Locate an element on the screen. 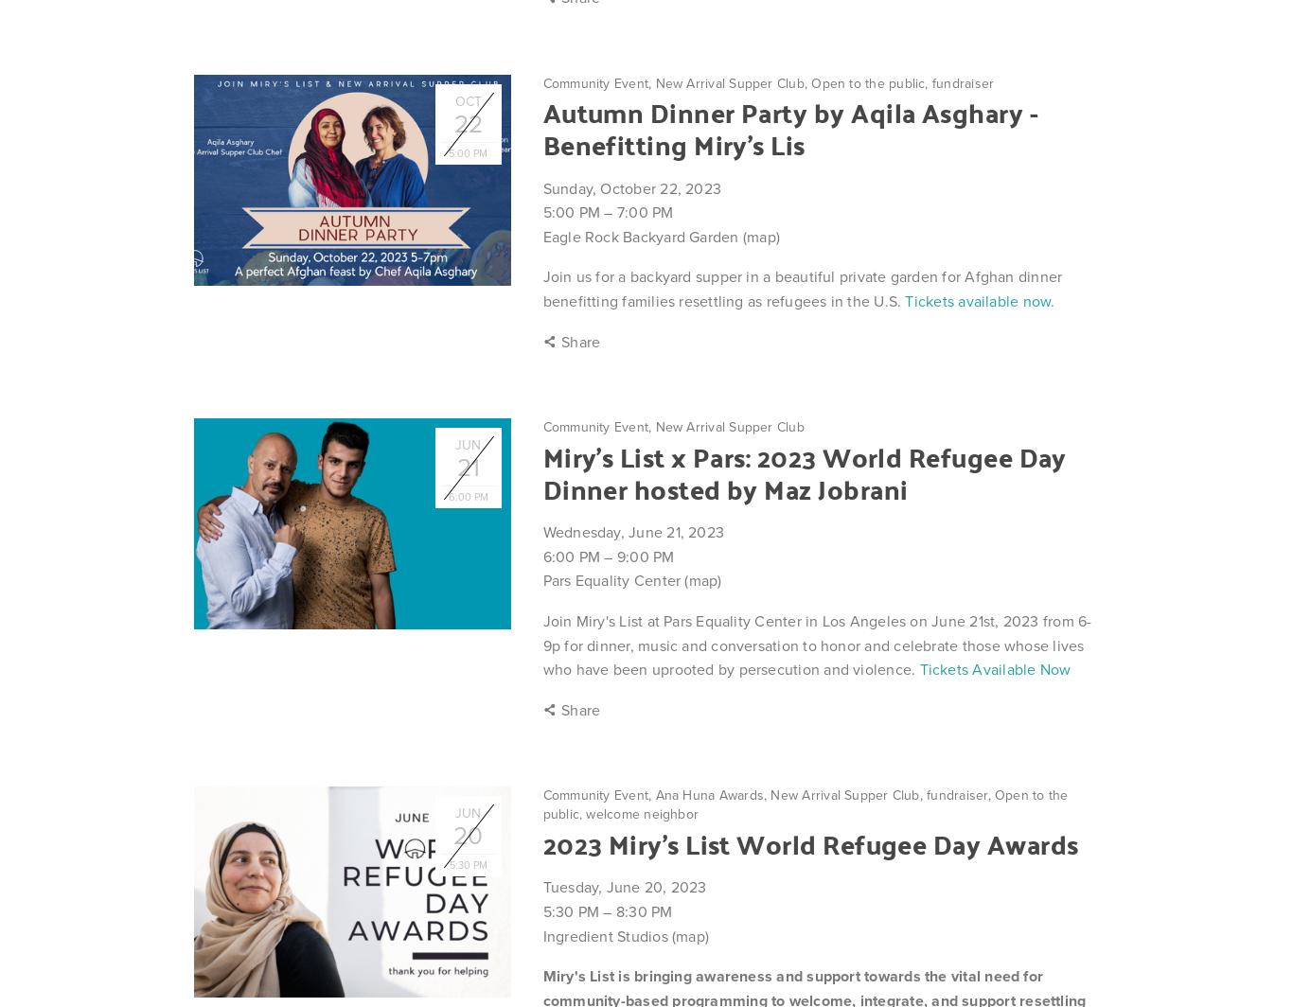 The height and width of the screenshot is (1007, 1293). 'welcome neighbor' is located at coordinates (584, 813).